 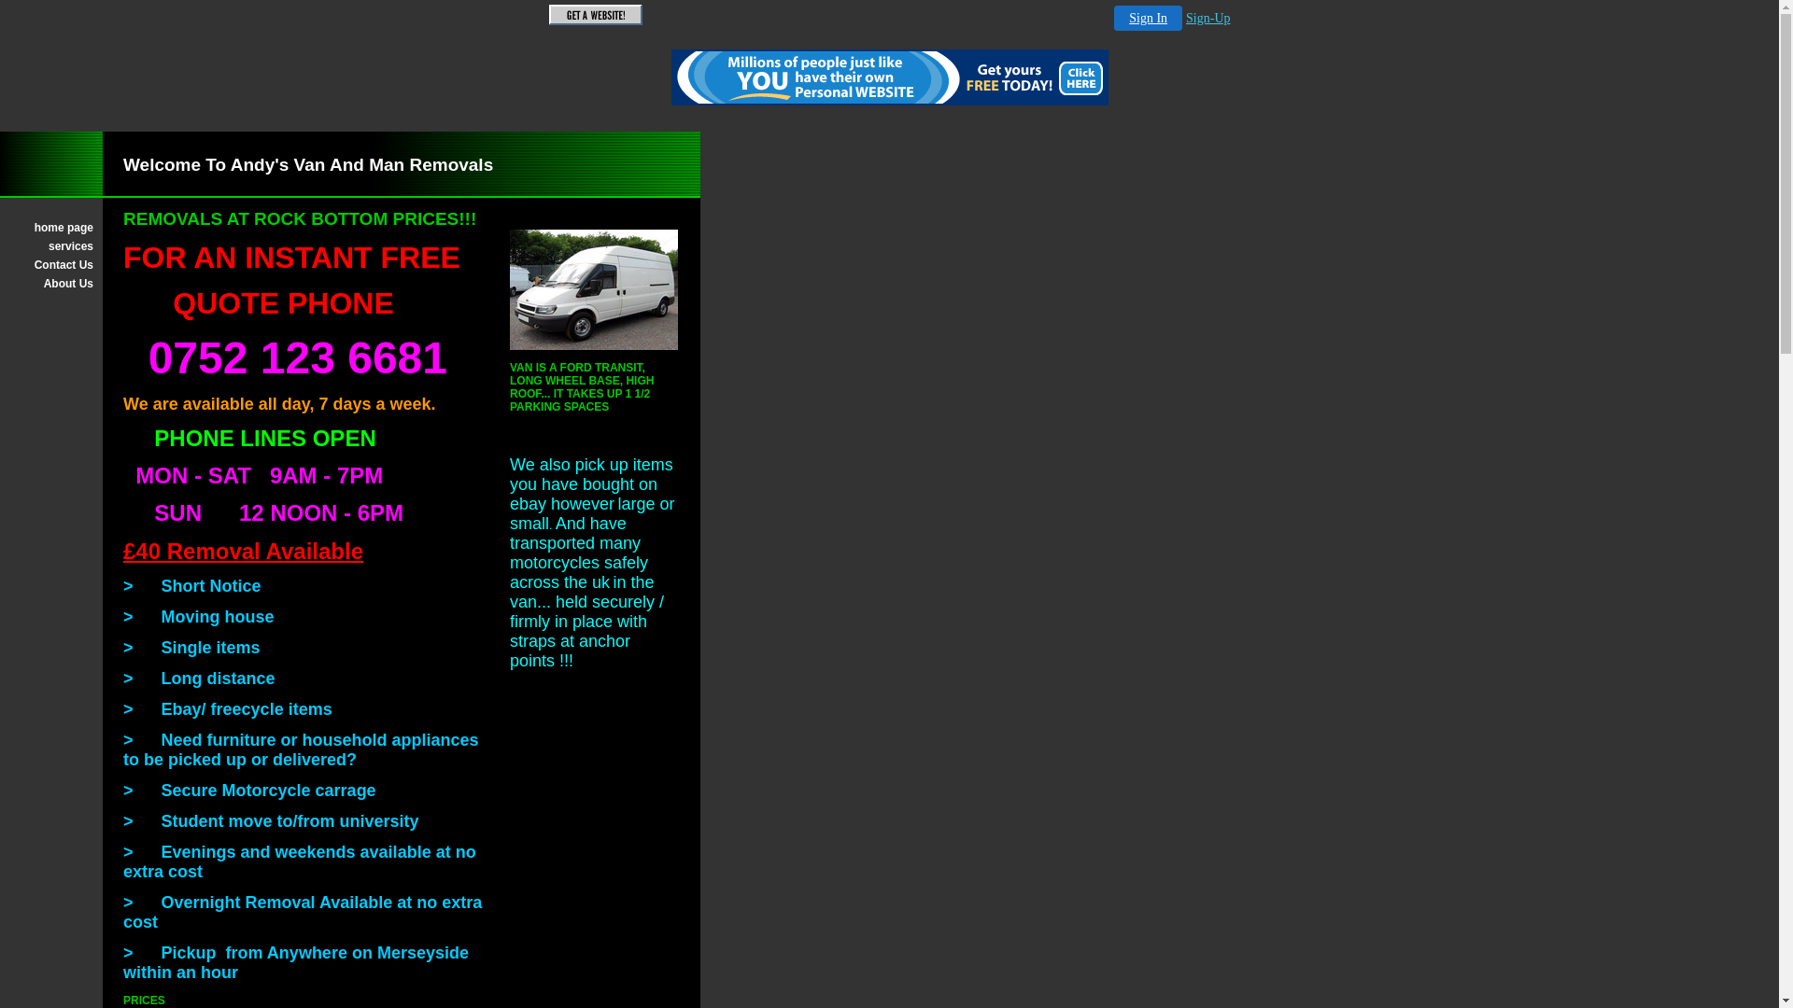 I want to click on 'Contact Us', so click(x=8, y=265).